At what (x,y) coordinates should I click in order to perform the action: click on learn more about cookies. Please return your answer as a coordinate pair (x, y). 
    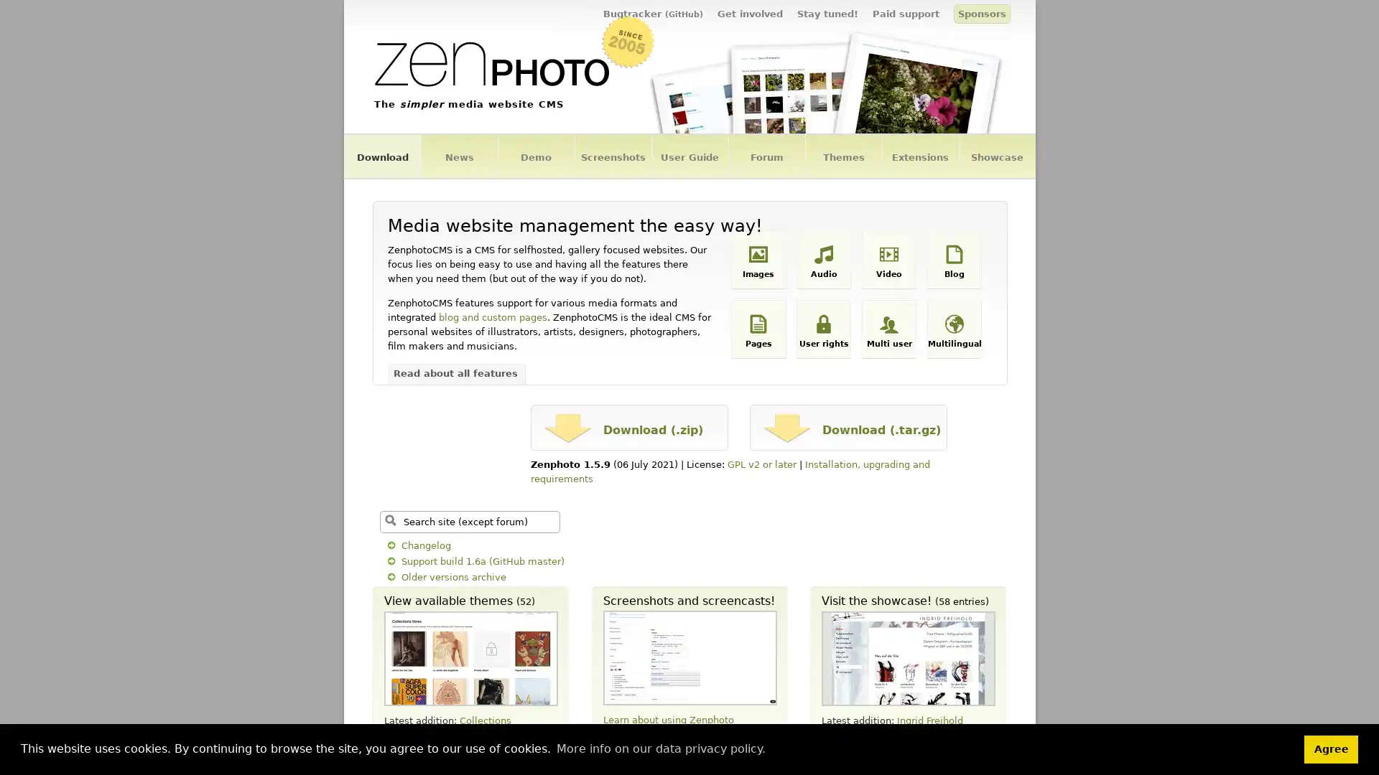
    Looking at the image, I should click on (660, 748).